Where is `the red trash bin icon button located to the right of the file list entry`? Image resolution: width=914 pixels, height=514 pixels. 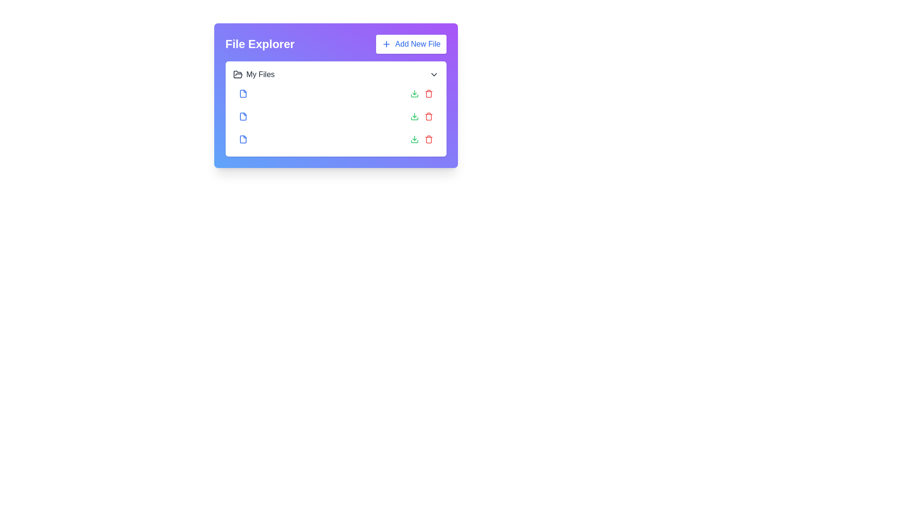
the red trash bin icon button located to the right of the file list entry is located at coordinates (428, 93).